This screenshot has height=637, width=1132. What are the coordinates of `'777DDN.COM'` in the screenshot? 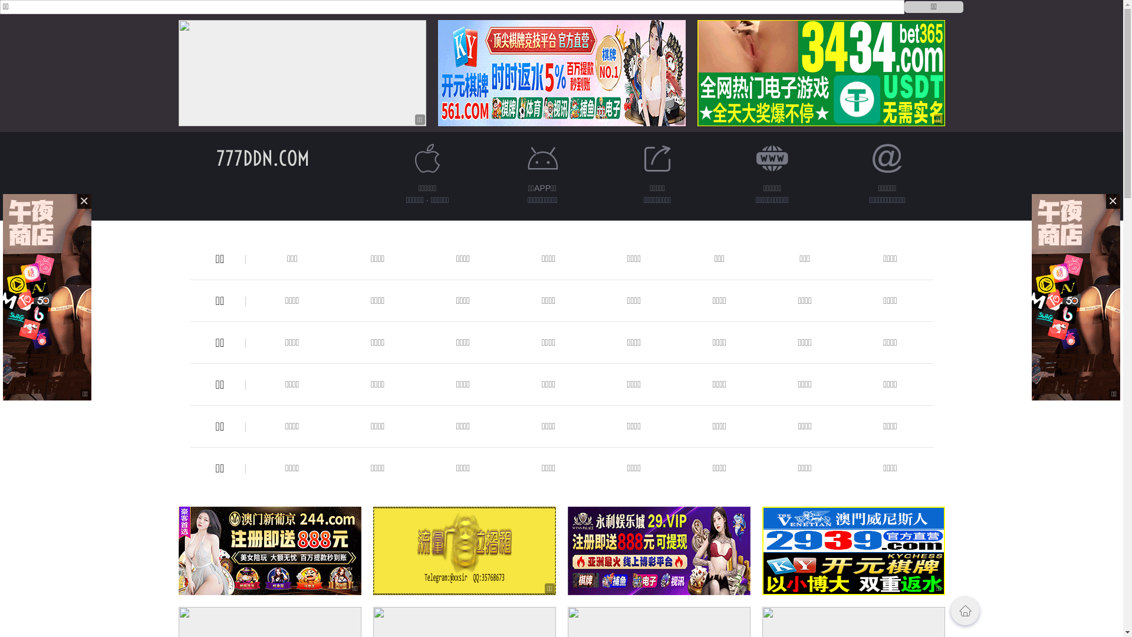 It's located at (262, 157).